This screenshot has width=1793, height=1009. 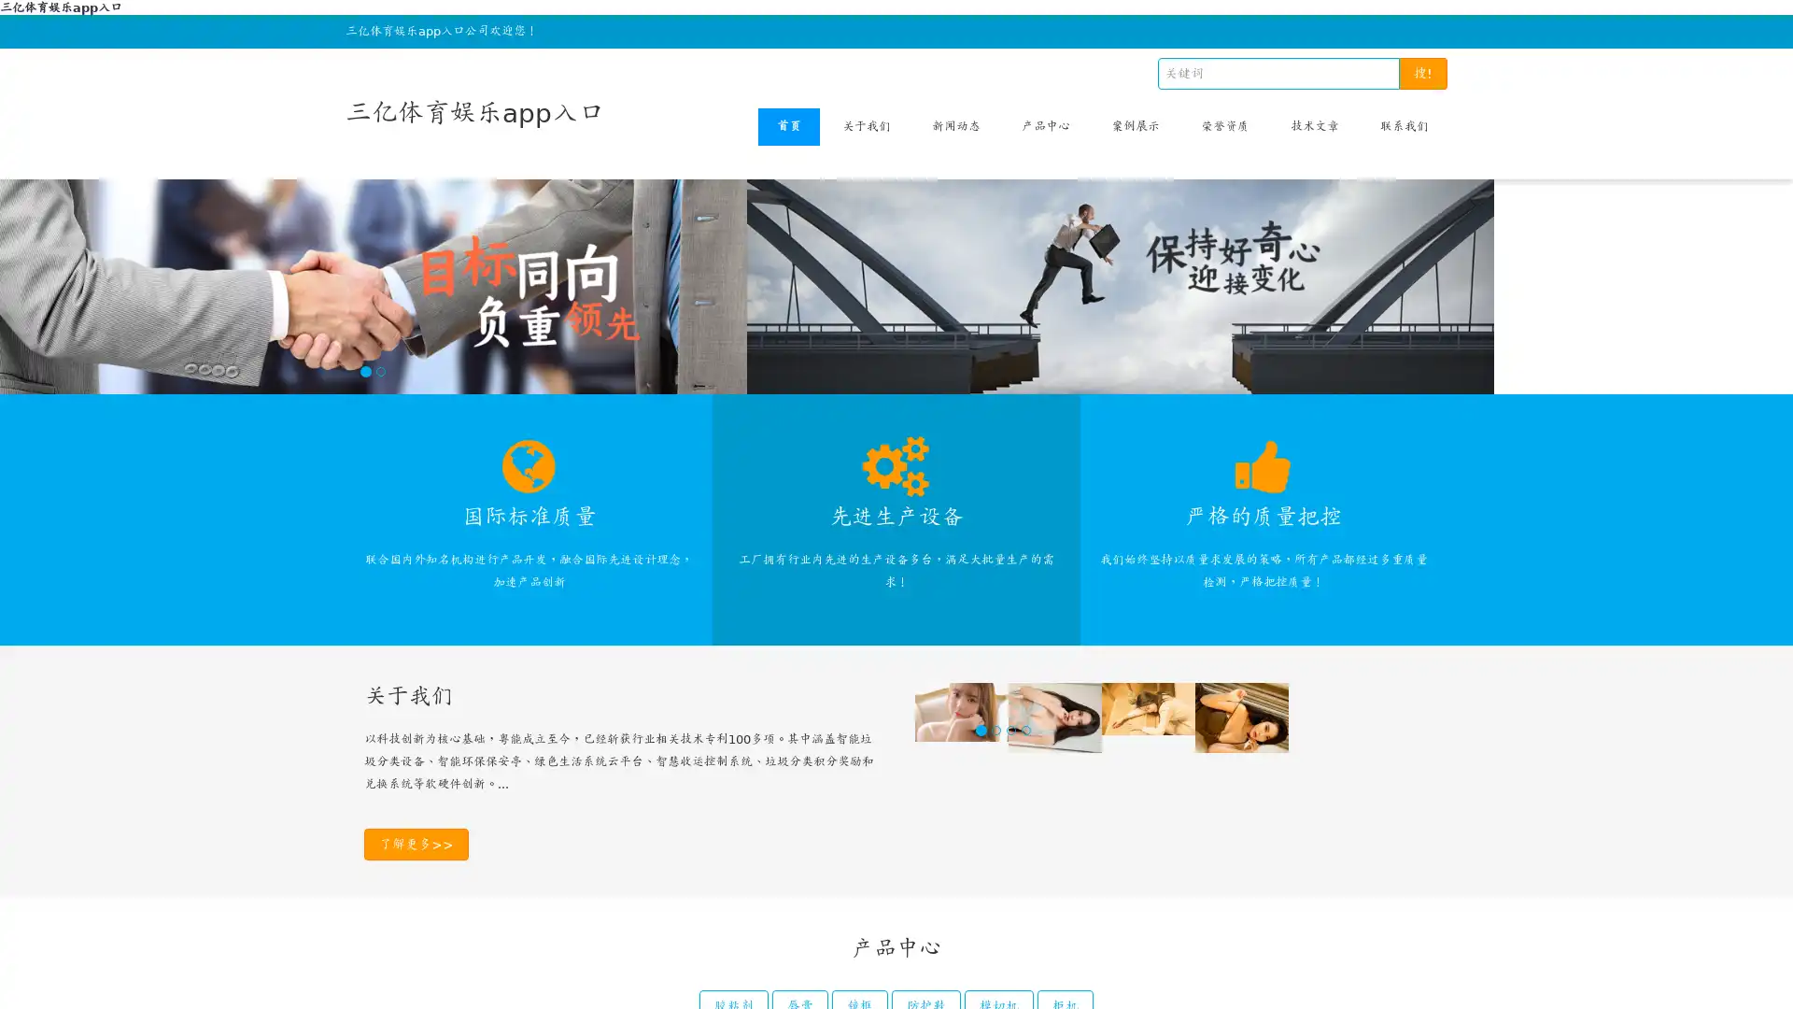 What do you see at coordinates (1422, 72) in the screenshot?
I see `!` at bounding box center [1422, 72].